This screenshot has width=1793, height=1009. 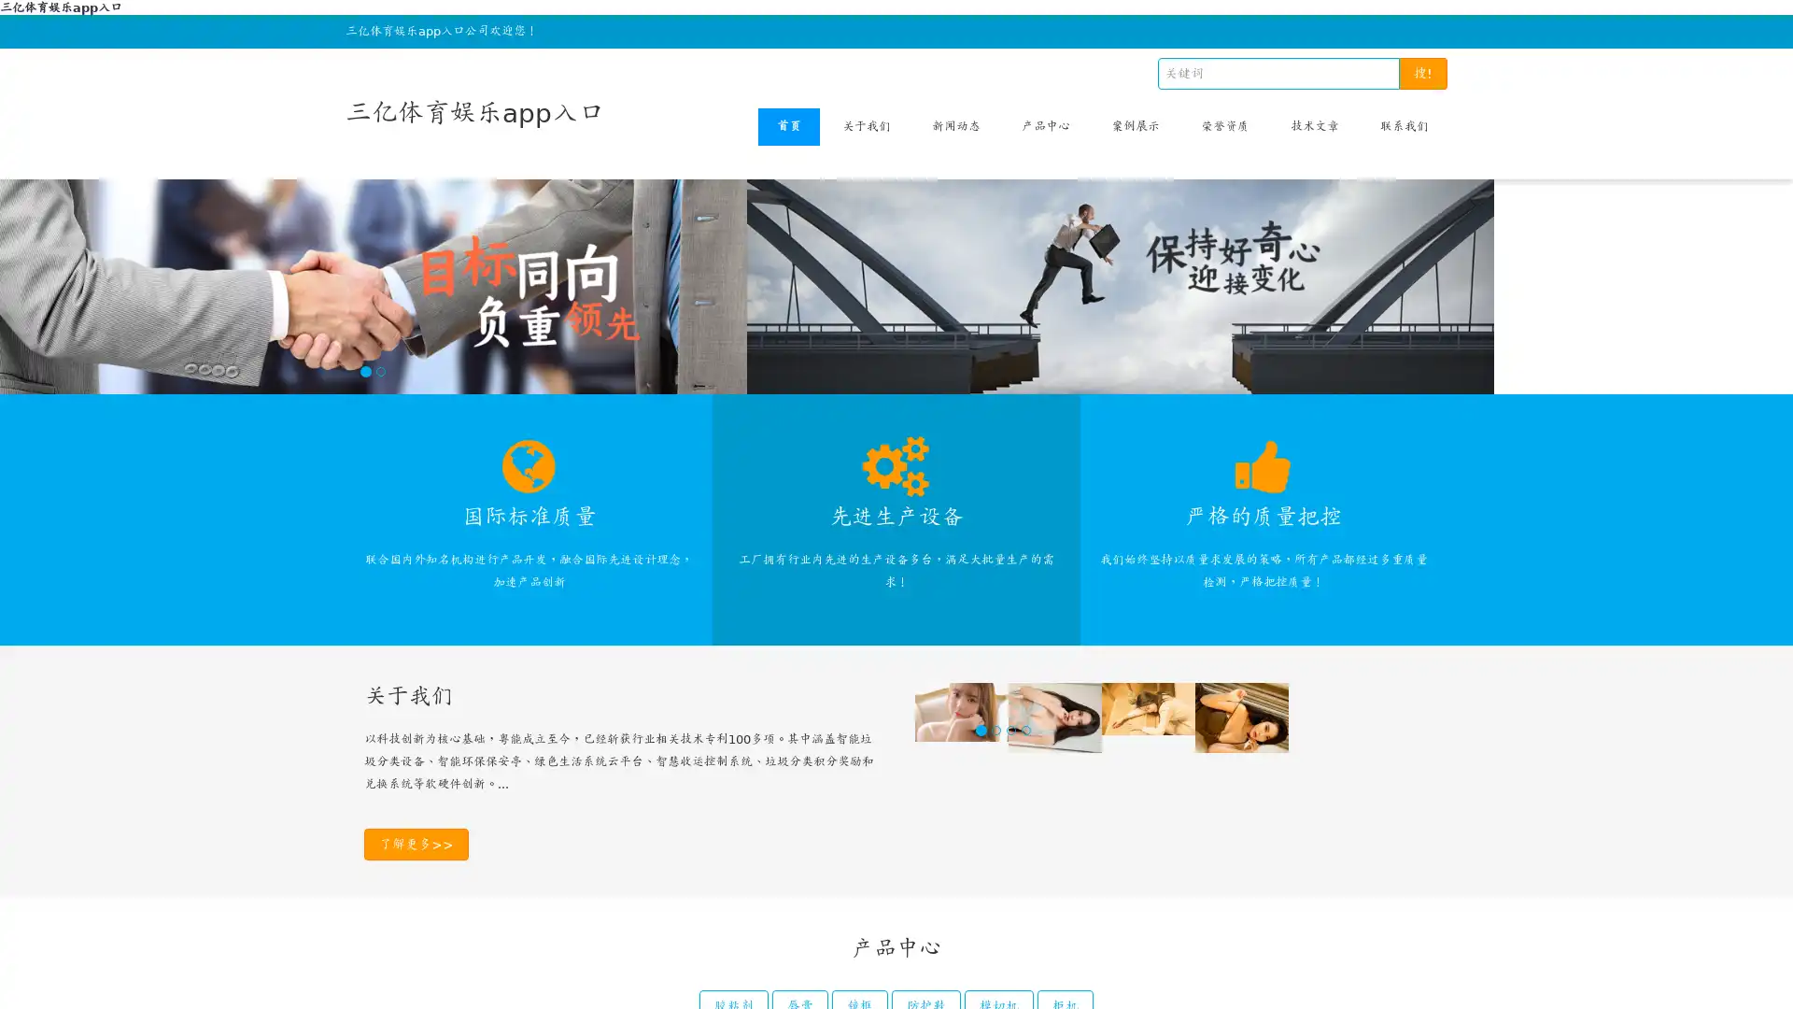 What do you see at coordinates (1422, 72) in the screenshot?
I see `!` at bounding box center [1422, 72].